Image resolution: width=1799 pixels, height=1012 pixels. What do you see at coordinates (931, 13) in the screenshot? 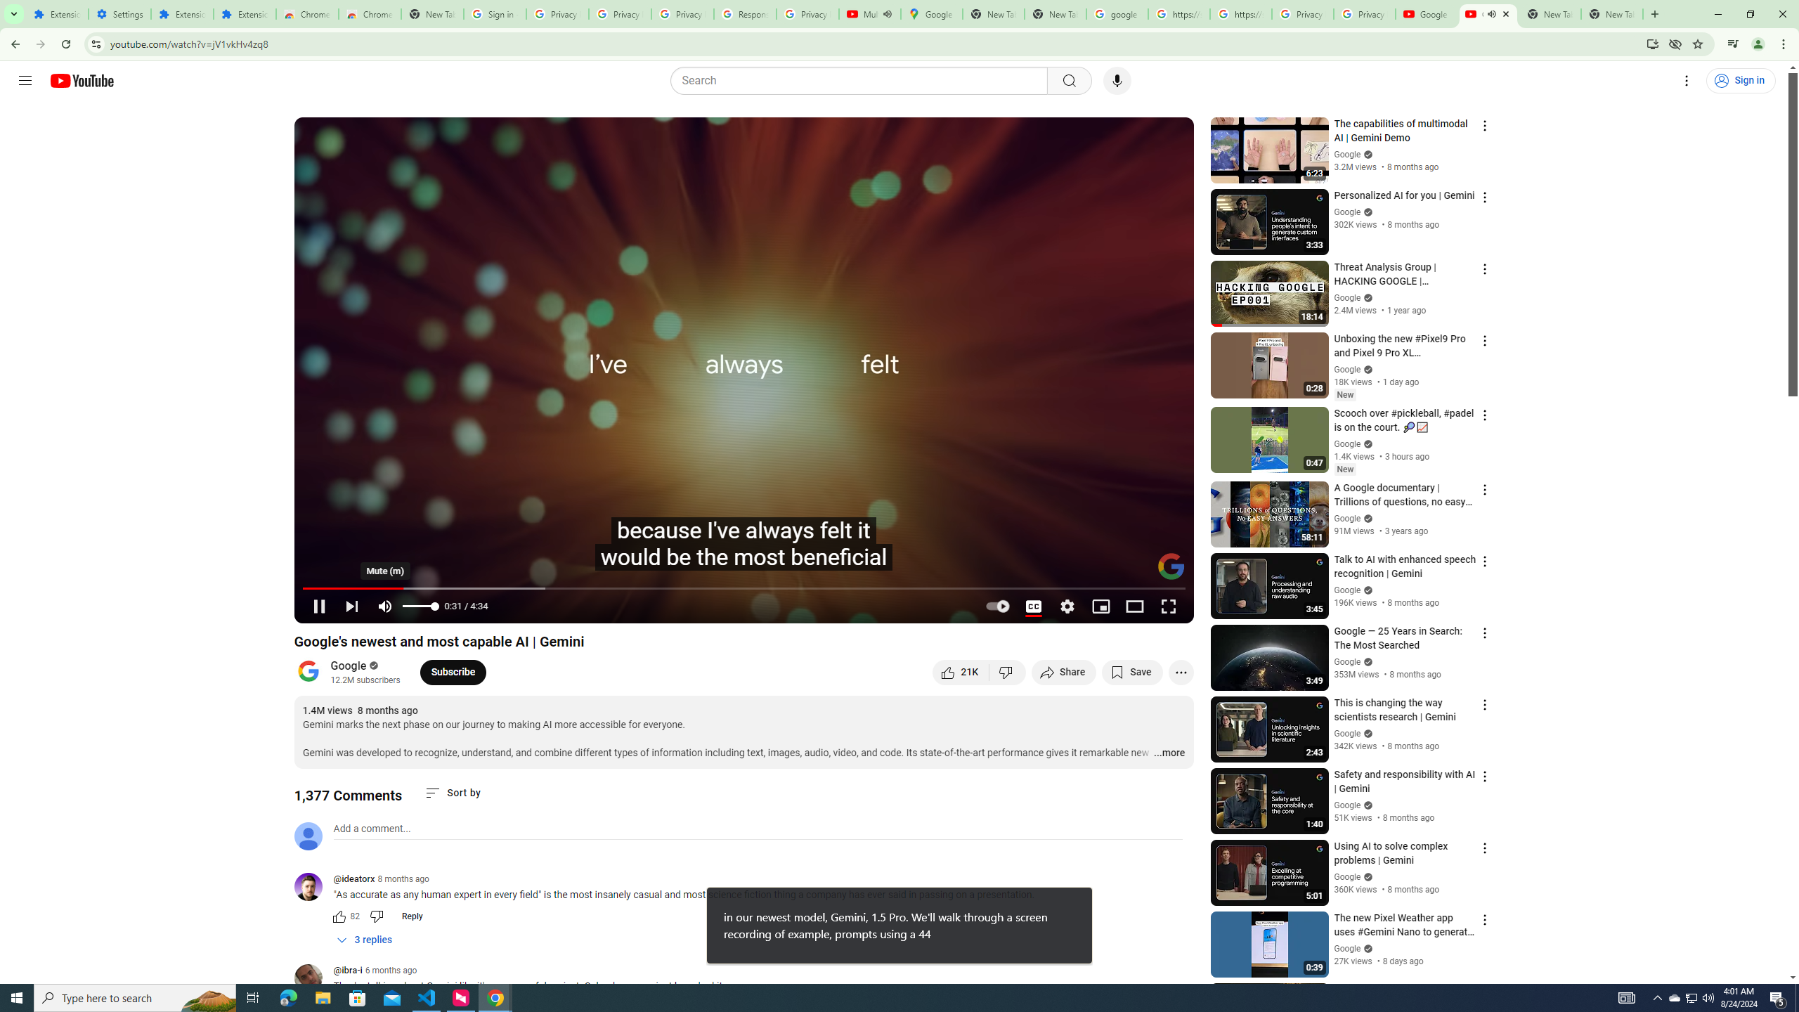
I see `'Google Maps'` at bounding box center [931, 13].